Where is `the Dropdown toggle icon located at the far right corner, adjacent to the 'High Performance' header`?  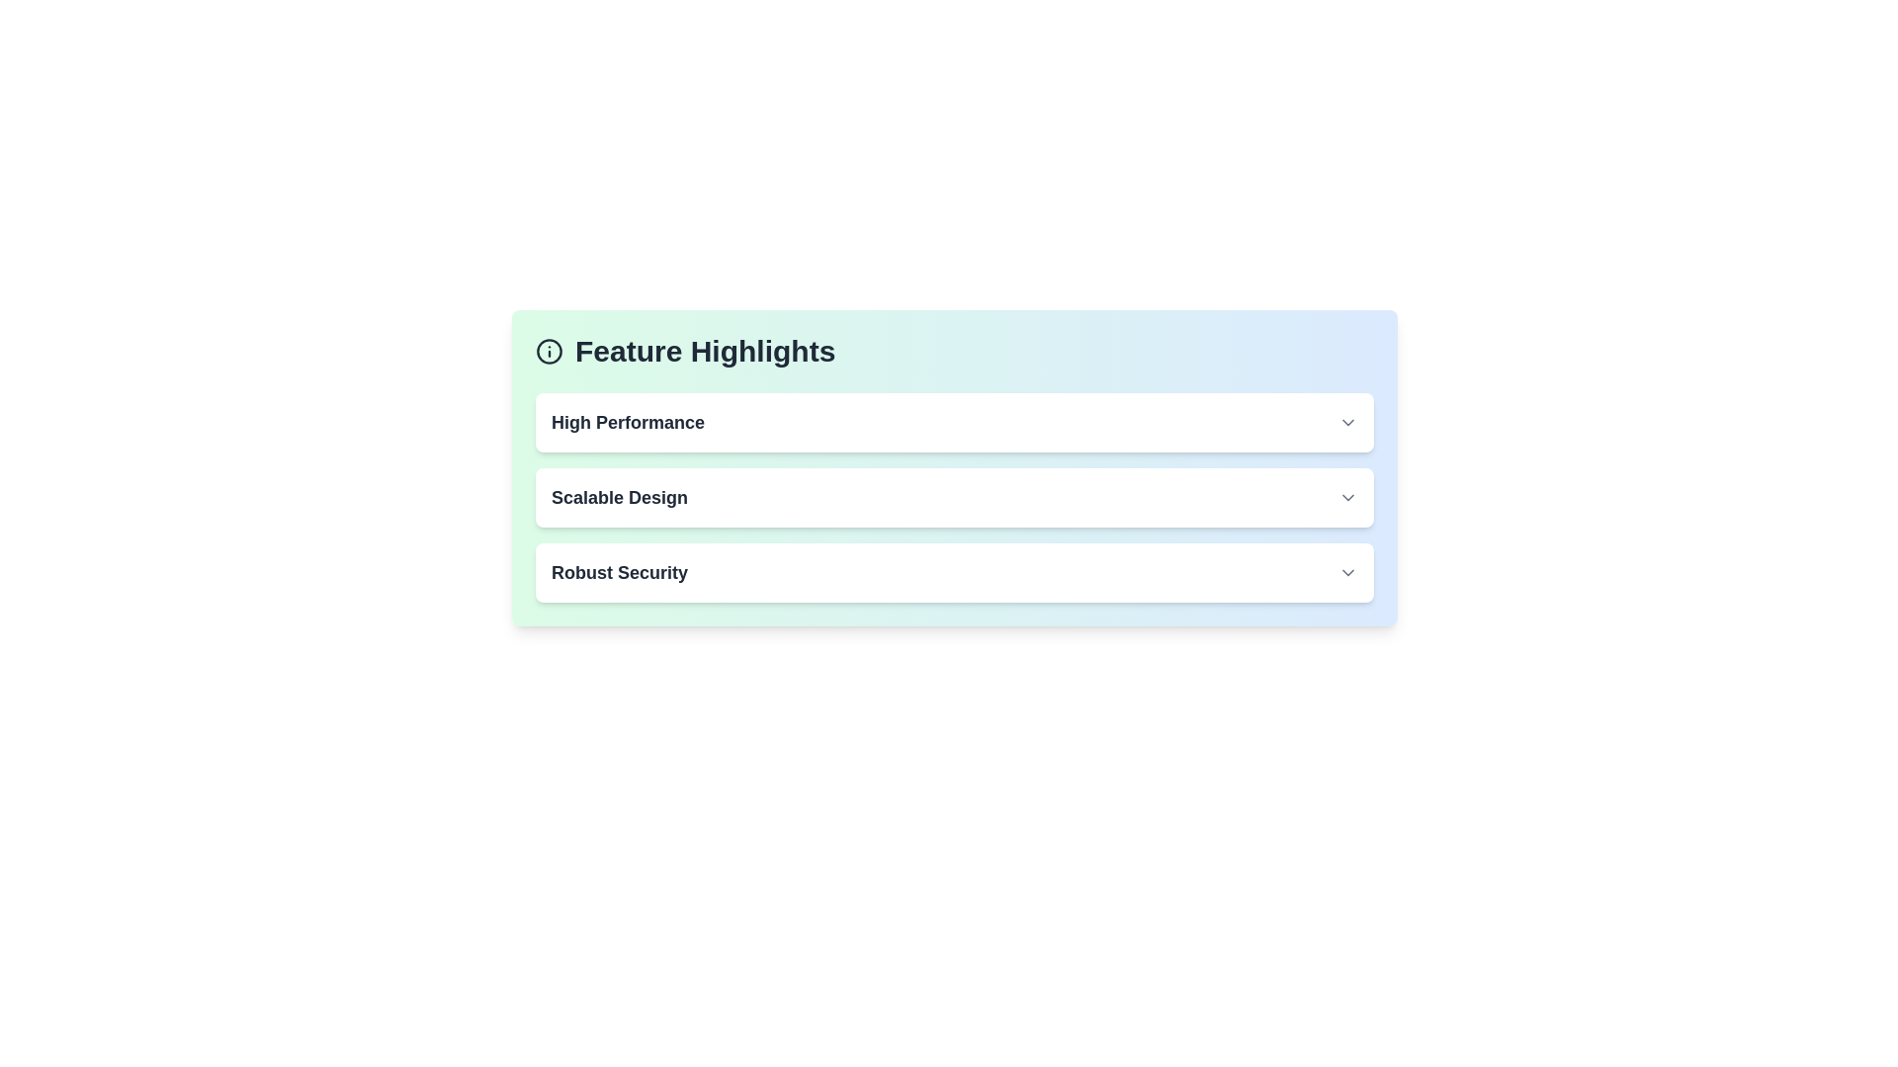
the Dropdown toggle icon located at the far right corner, adjacent to the 'High Performance' header is located at coordinates (1346, 422).